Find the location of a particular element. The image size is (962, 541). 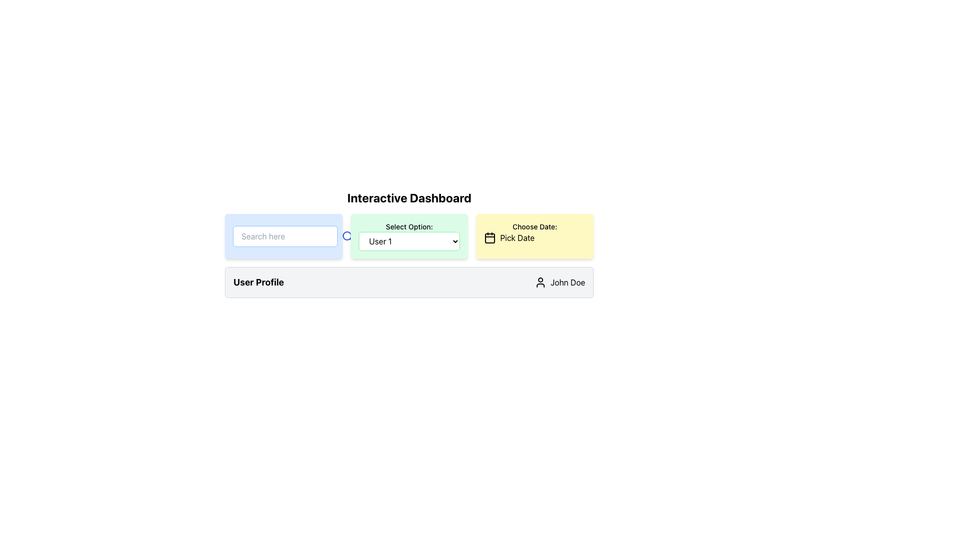

the dropdown menu element located between the blue search box and the yellow date selection box for keyboard navigation is located at coordinates (409, 255).